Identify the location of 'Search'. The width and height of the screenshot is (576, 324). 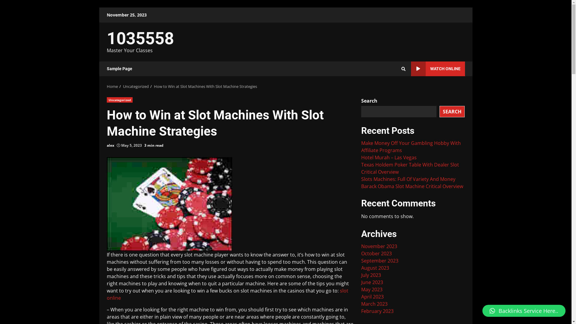
(403, 68).